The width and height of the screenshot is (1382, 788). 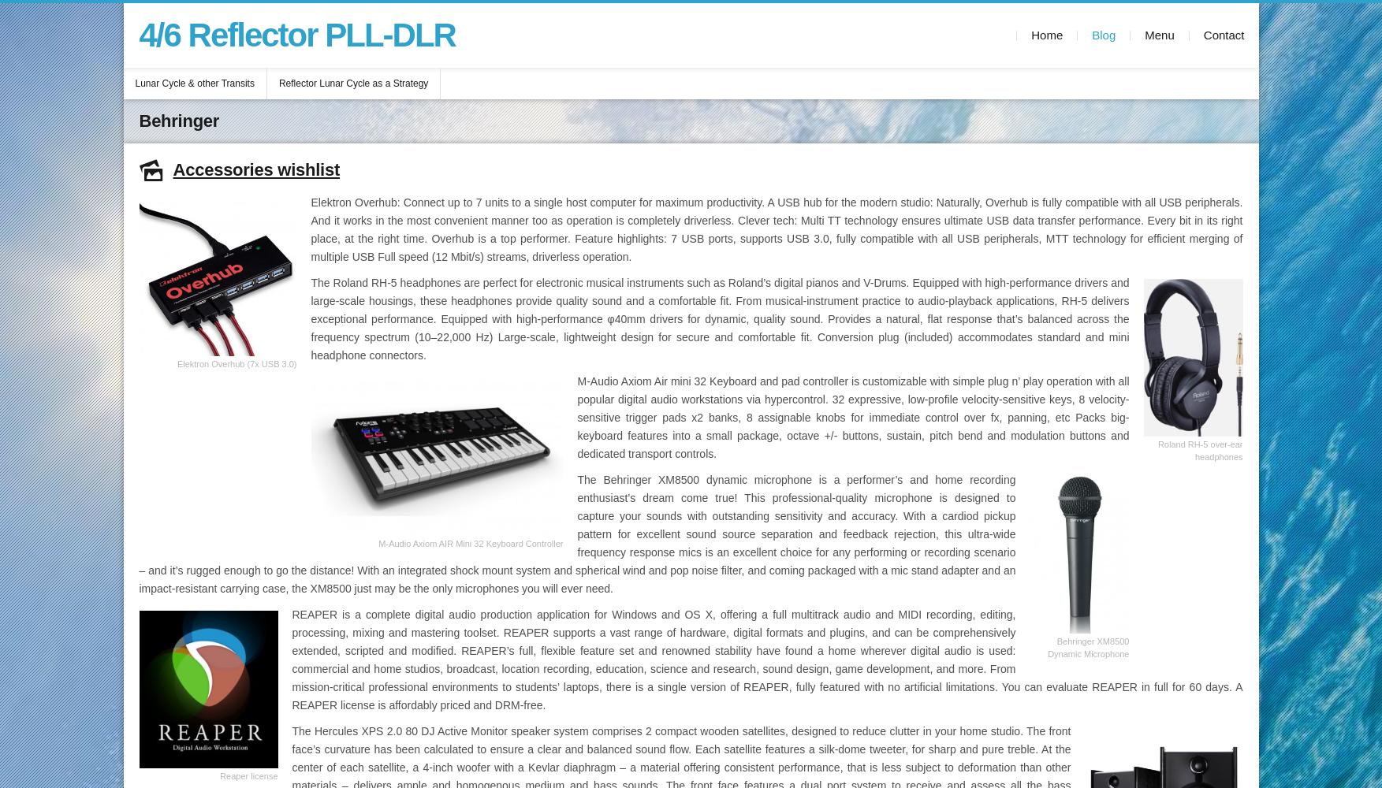 I want to click on 'Elektron Overhub: Connect up to 7 units to a single host computer for maximum productivity. A USB hub for the modern studio: Naturally, Overhub is fully compatible with all USB peripherals. And it works in the most convenient manner too as operation is completely driverless. Clever tech: Multi TT technology ensures ultimate USB data transfer performance. Every bit in its right place, at the right time. Overhub is a top performer. Feature highlights: 7 USB ports, supports USB 3.0, fully compatible with all USB peripherals, MTT technology for efficient merging of multiple USB Full speed (12 Mbit/s) streams, driverless operation.', so click(x=777, y=229).